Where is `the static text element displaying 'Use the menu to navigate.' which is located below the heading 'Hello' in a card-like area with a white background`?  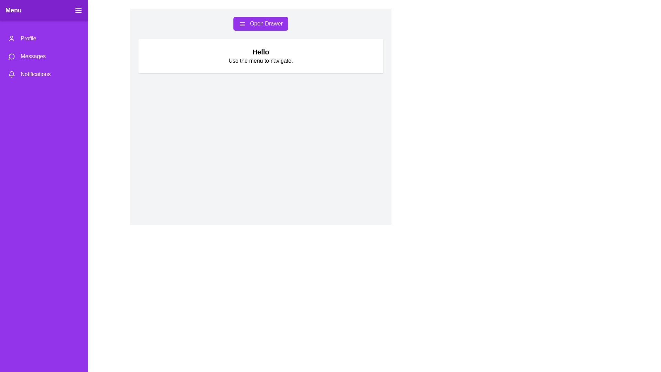 the static text element displaying 'Use the menu to navigate.' which is located below the heading 'Hello' in a card-like area with a white background is located at coordinates (260, 61).